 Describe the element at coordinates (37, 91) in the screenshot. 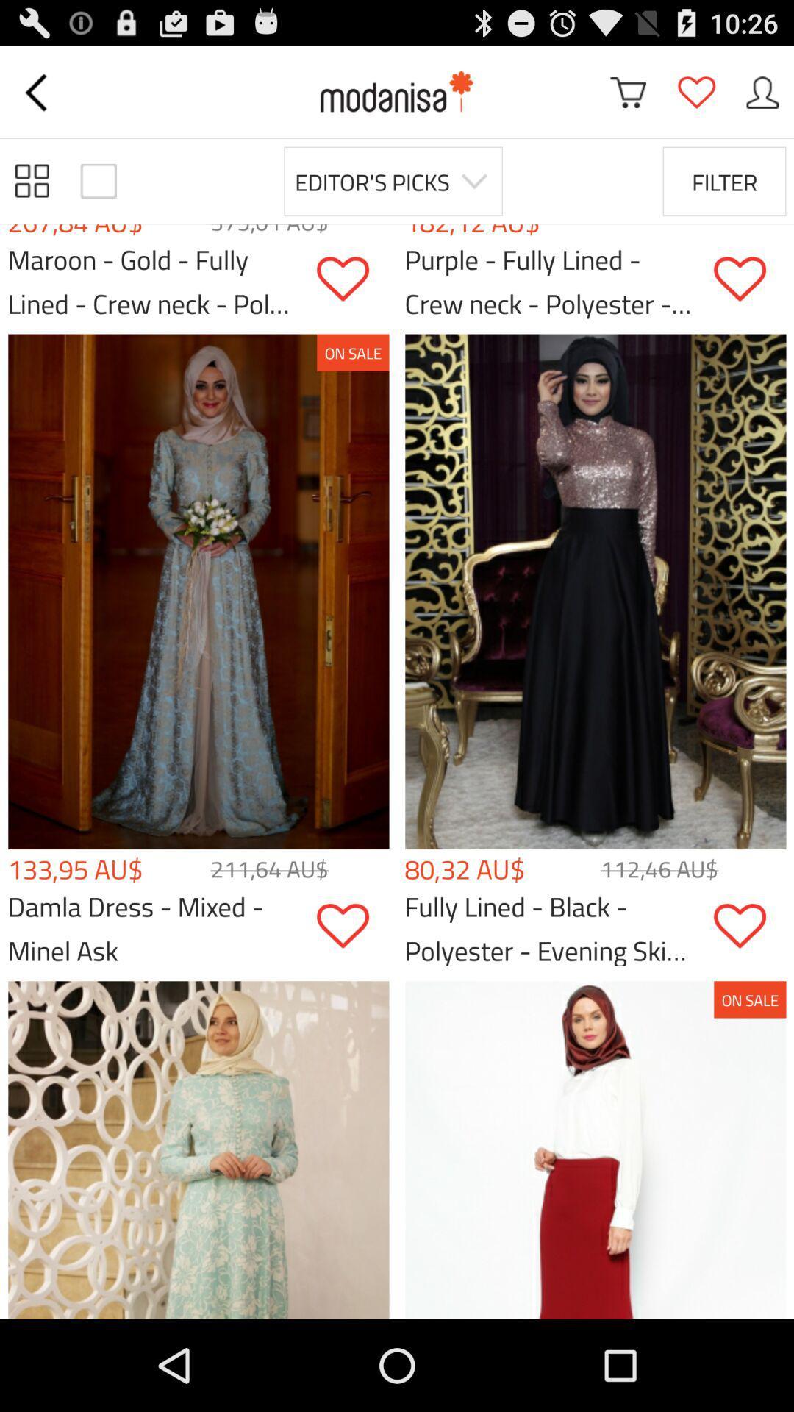

I see `go back` at that location.